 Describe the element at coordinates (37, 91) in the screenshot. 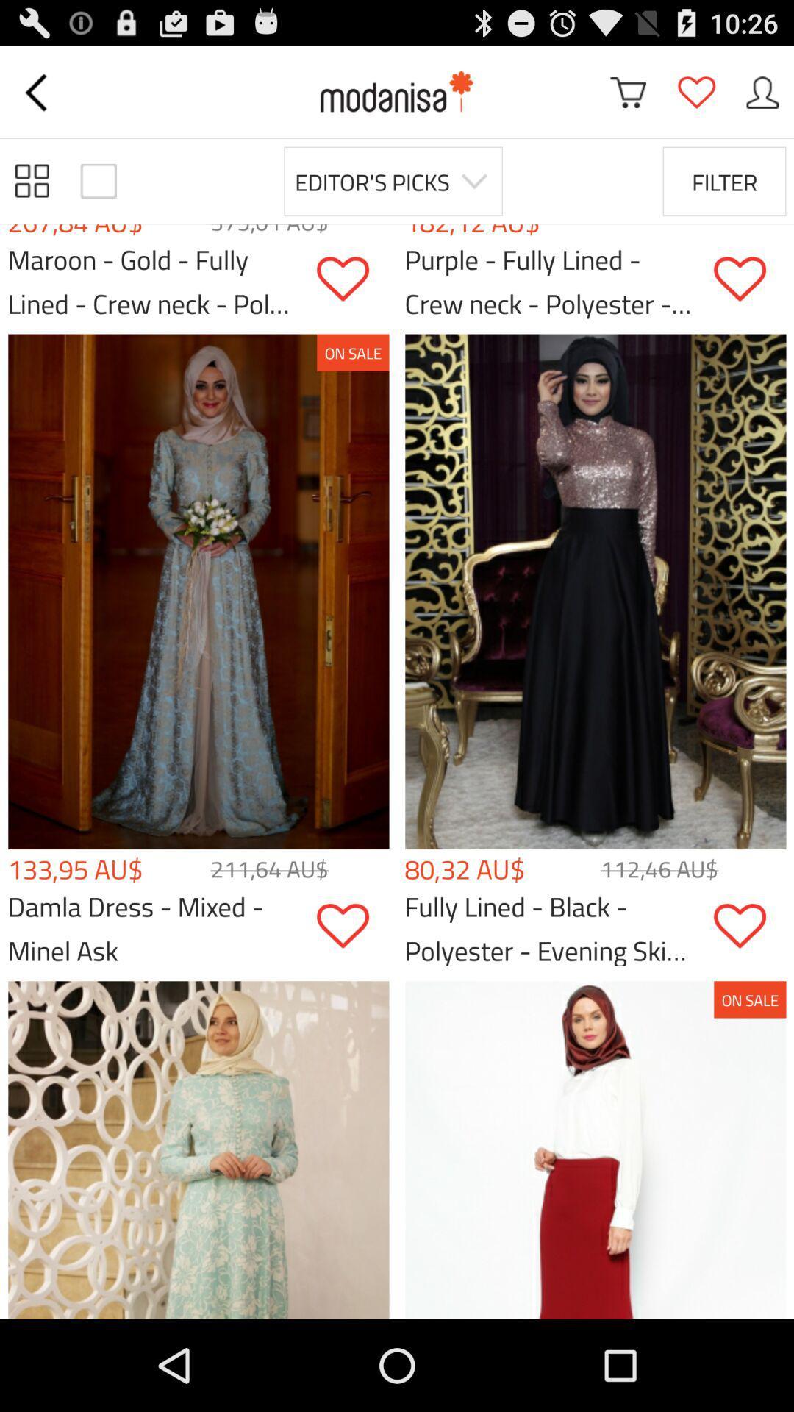

I see `go back` at that location.